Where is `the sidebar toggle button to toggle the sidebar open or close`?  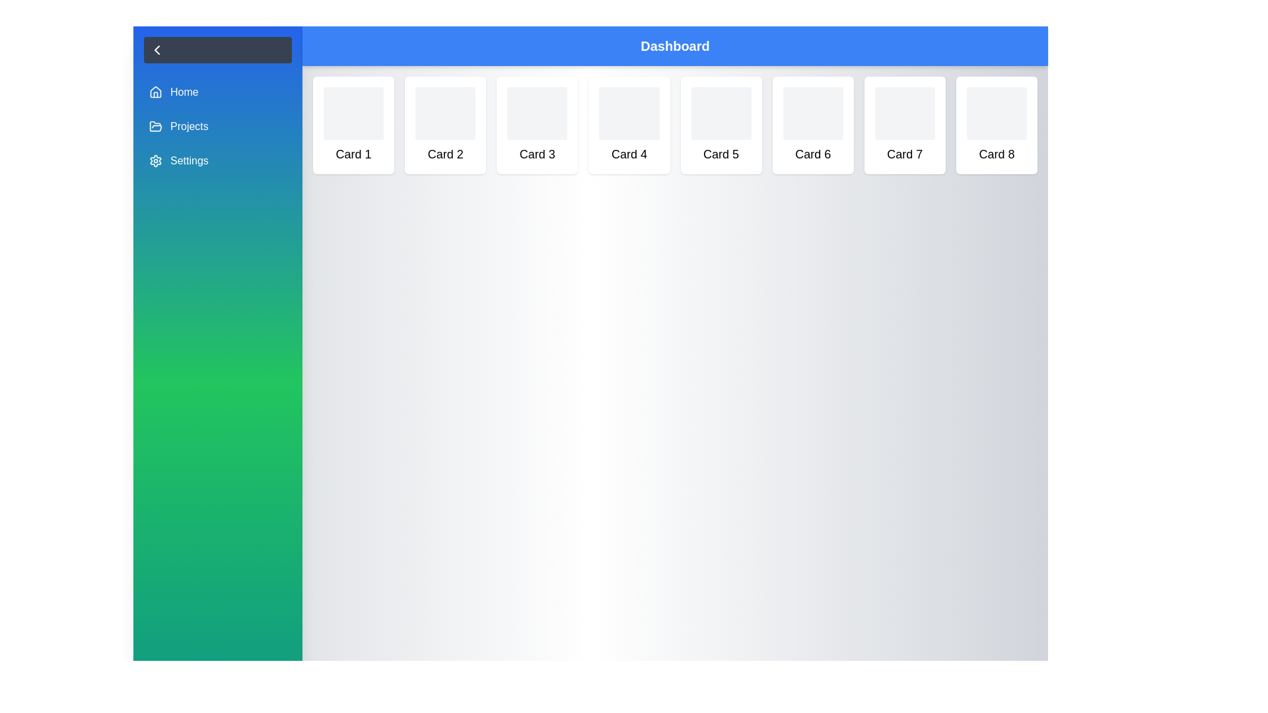 the sidebar toggle button to toggle the sidebar open or close is located at coordinates (218, 50).